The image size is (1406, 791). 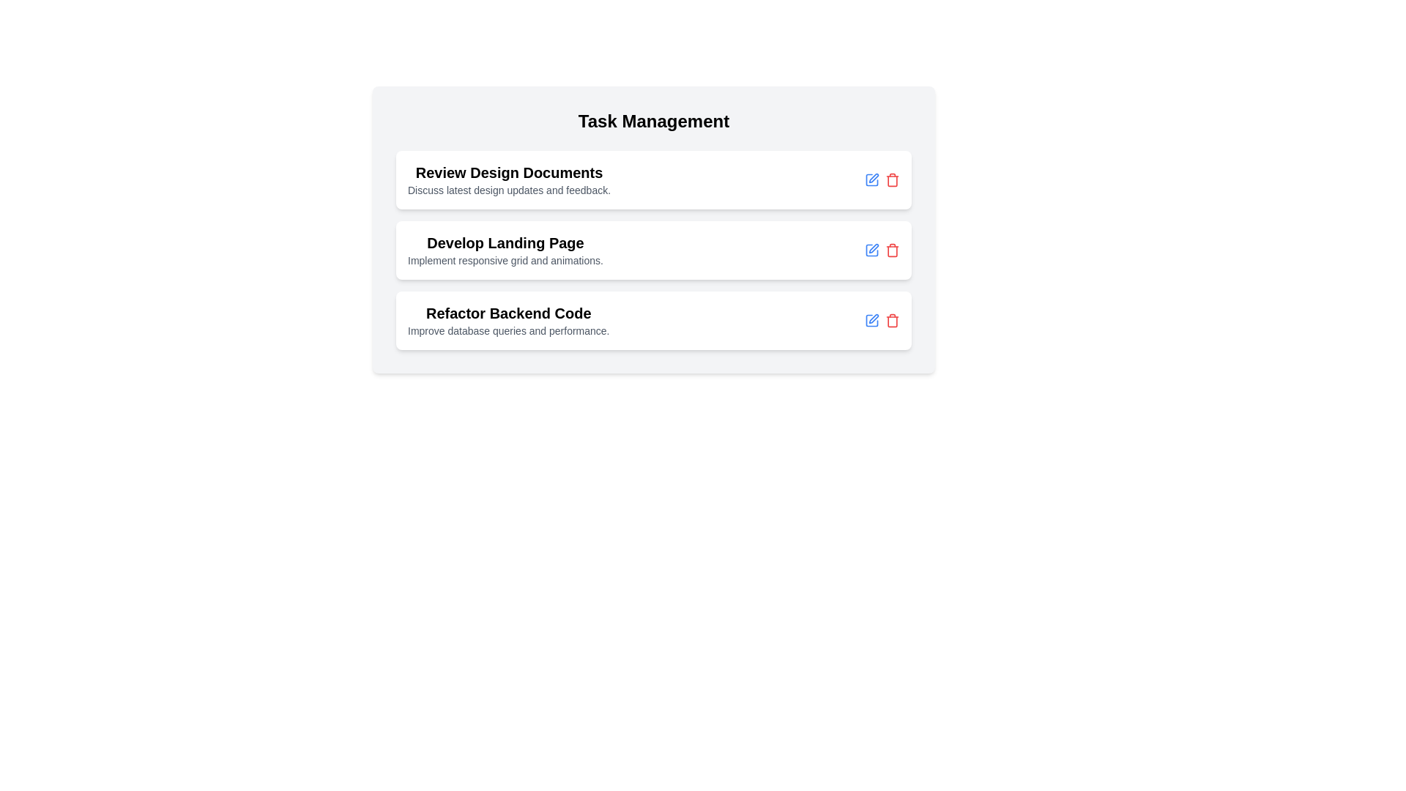 I want to click on the 'Refactor Backend Code' text display to interact with the task controls located adjacent to it, so click(x=508, y=320).